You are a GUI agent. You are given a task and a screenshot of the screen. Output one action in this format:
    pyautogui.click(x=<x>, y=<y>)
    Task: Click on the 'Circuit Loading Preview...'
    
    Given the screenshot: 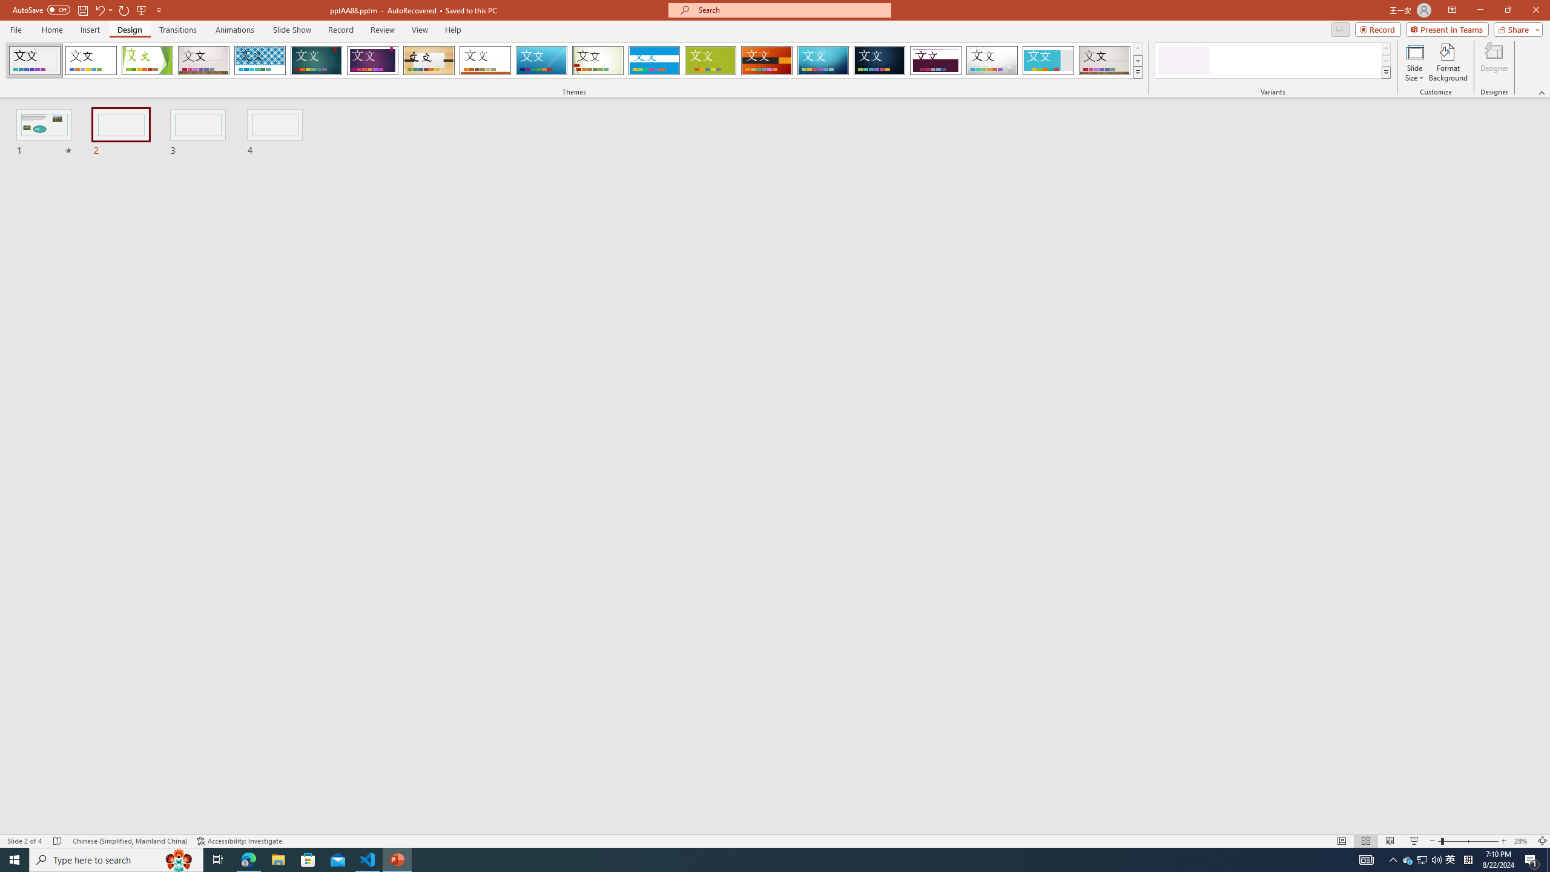 What is the action you would take?
    pyautogui.click(x=822, y=60)
    